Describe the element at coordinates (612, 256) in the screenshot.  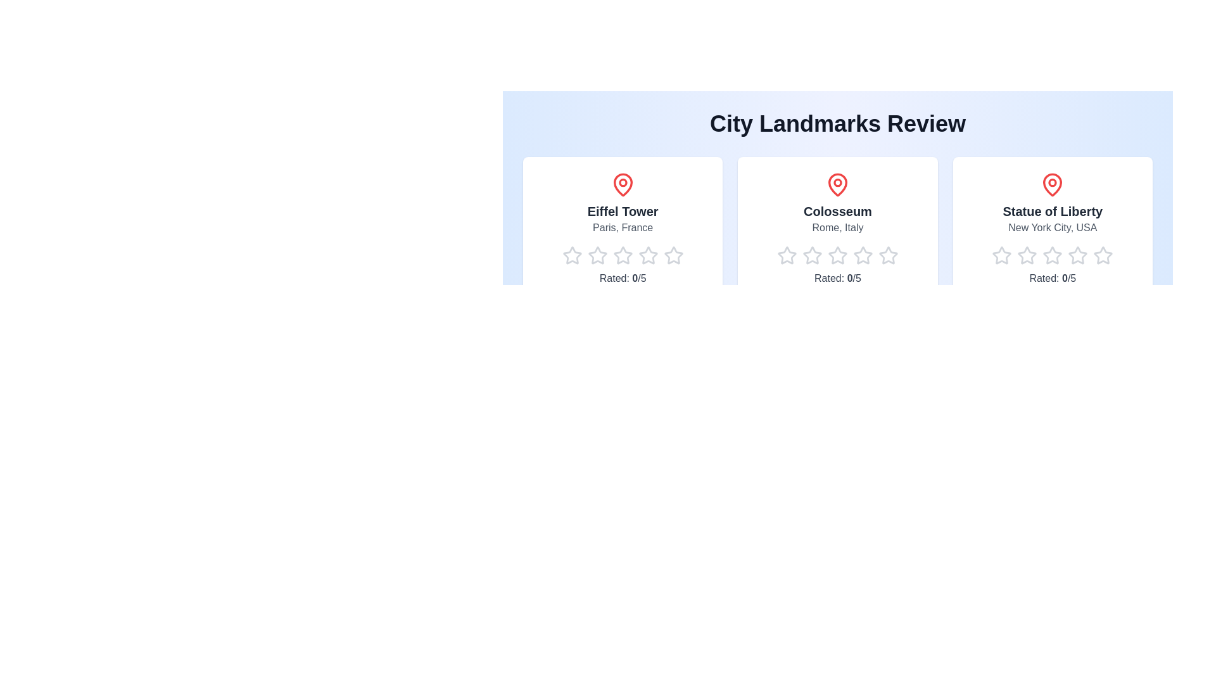
I see `the star corresponding to 3 for the landmark Eiffel Tower` at that location.